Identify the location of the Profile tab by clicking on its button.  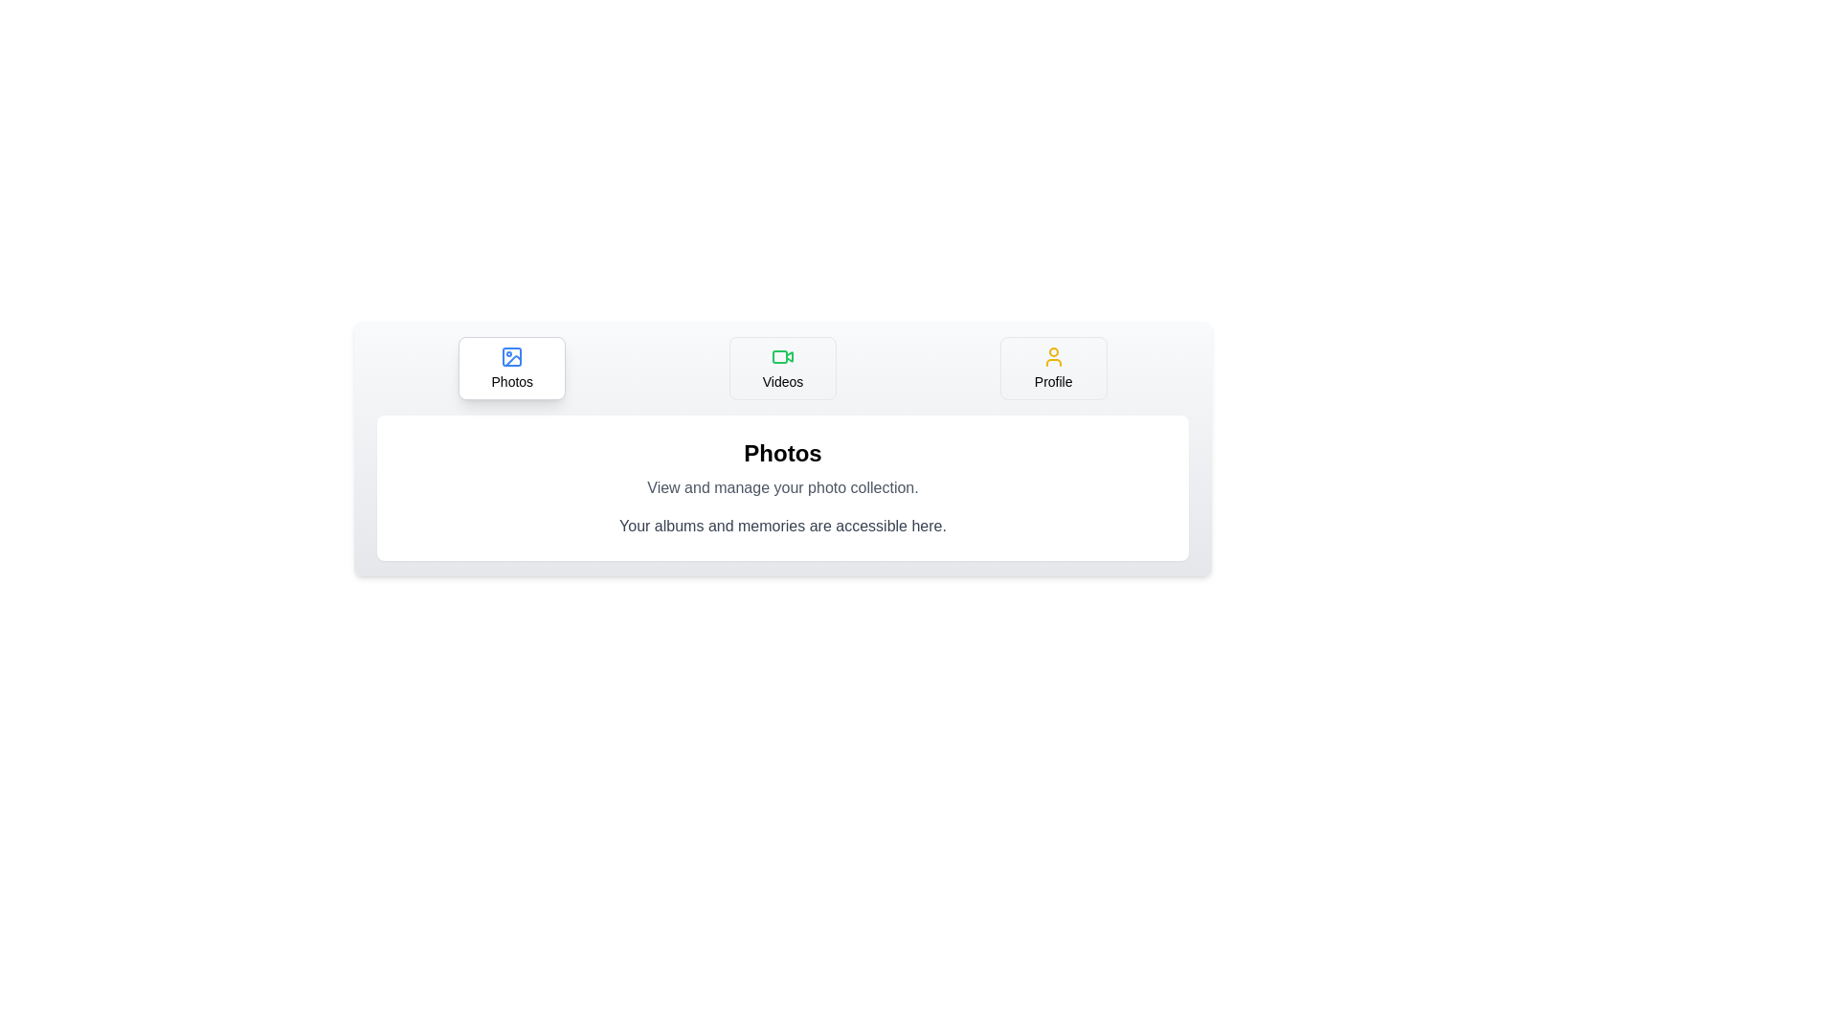
(1052, 369).